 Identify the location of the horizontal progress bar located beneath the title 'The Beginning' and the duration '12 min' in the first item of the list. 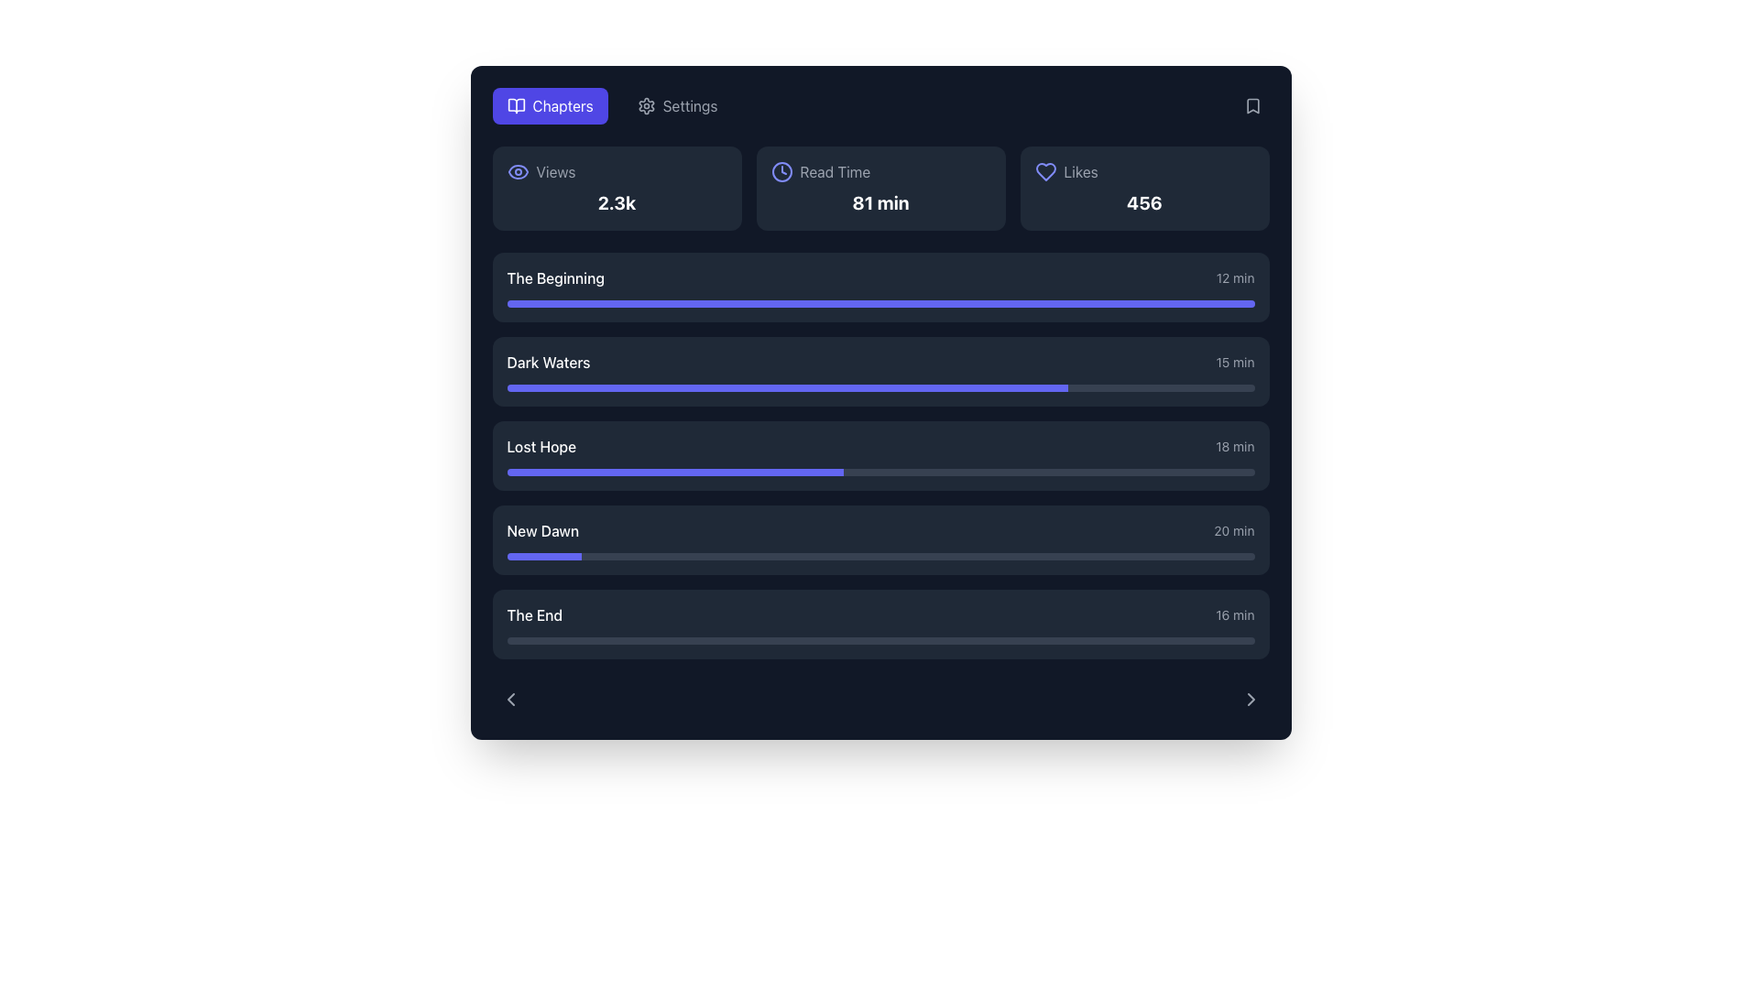
(880, 302).